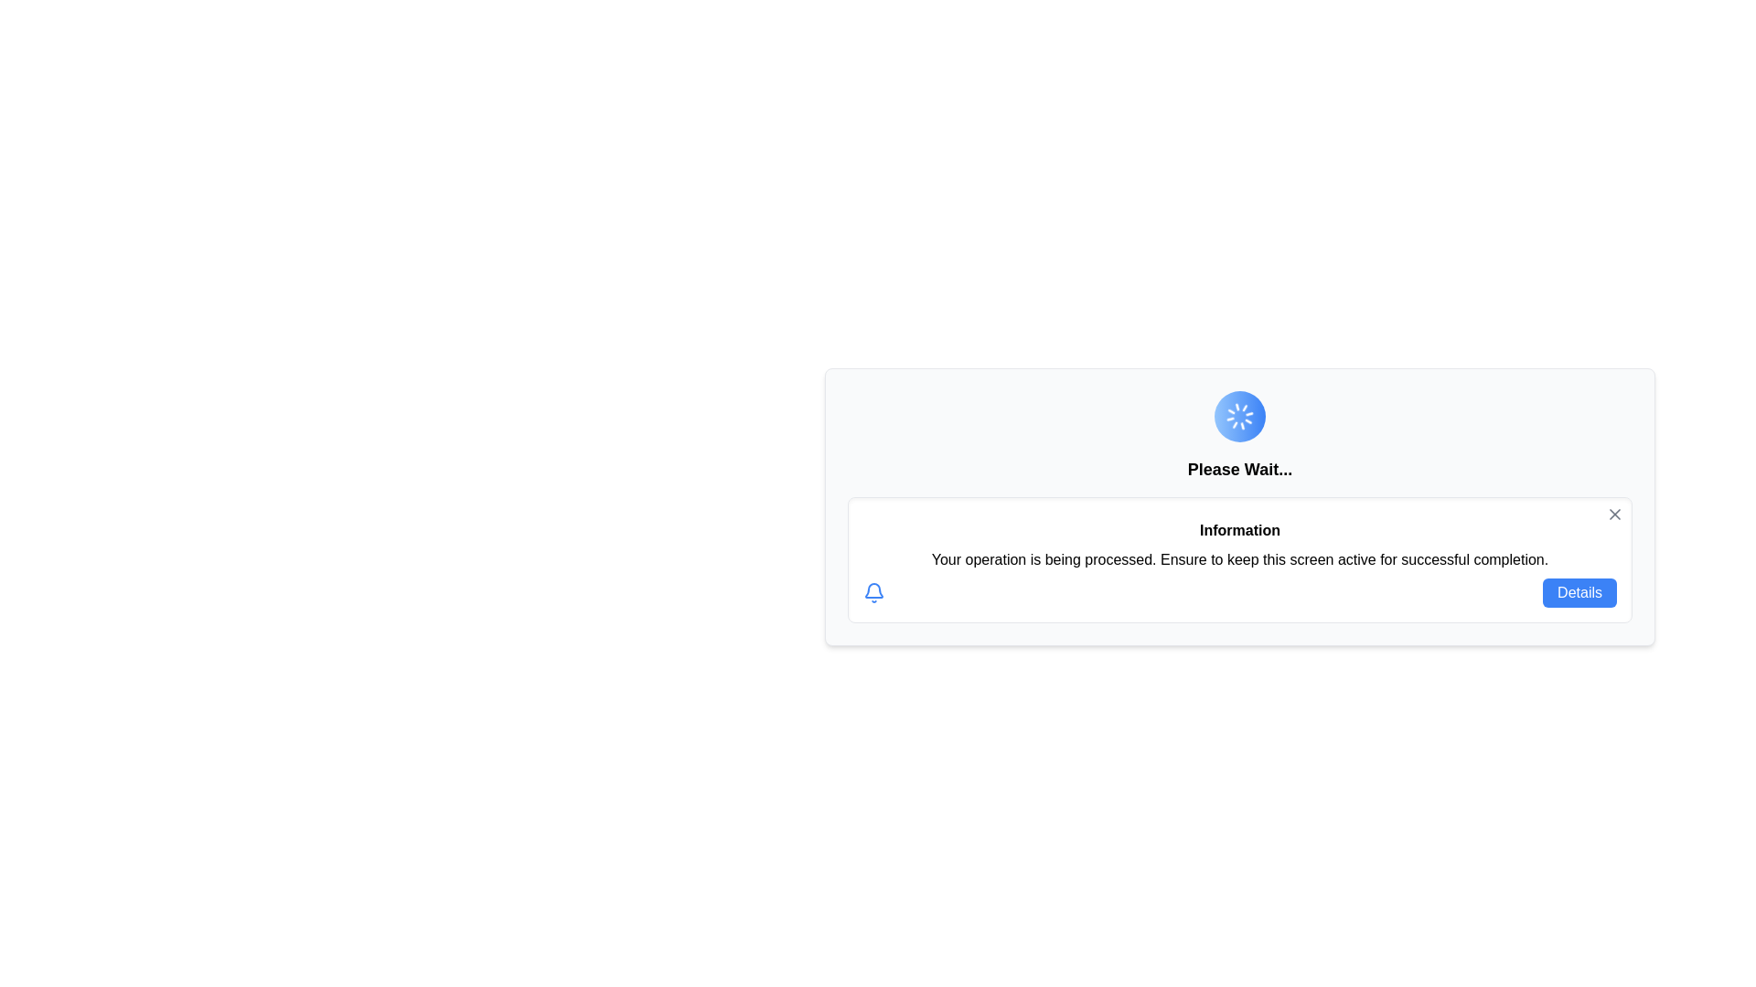 The image size is (1756, 987). Describe the element at coordinates (1615, 515) in the screenshot. I see `the Close icon (small 'X' button) located in the top-right corner of the bordered section` at that location.